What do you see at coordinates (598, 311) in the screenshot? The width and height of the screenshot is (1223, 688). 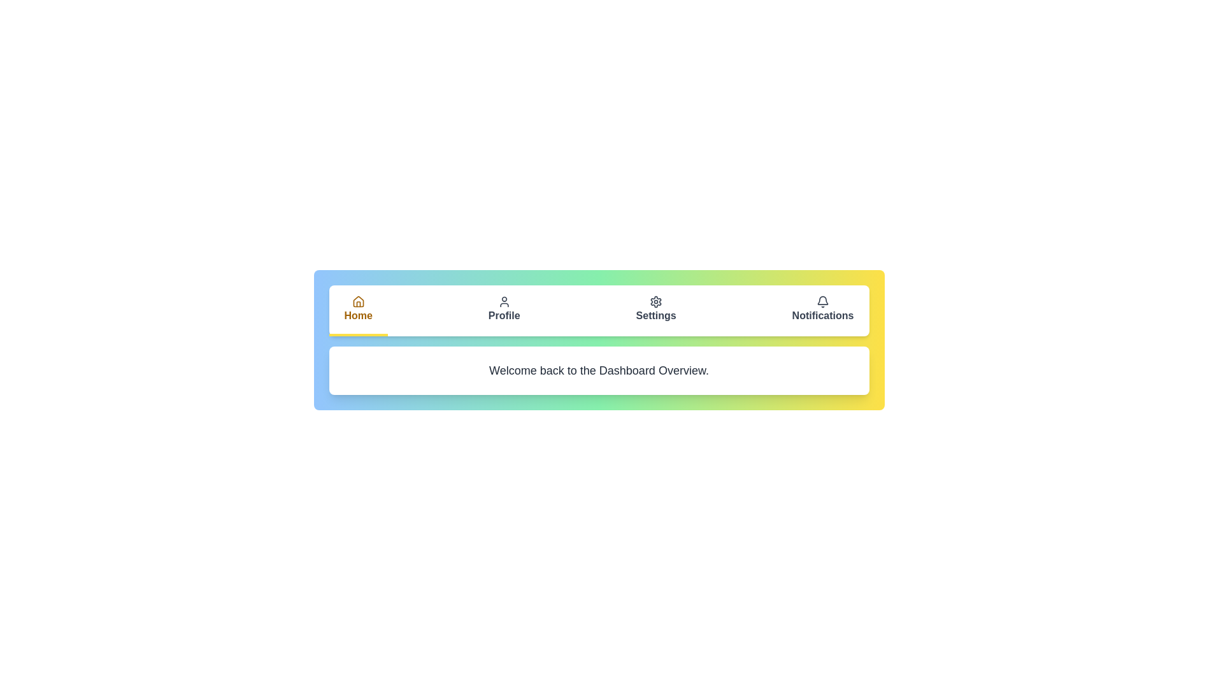 I see `the Navigation bar` at bounding box center [598, 311].